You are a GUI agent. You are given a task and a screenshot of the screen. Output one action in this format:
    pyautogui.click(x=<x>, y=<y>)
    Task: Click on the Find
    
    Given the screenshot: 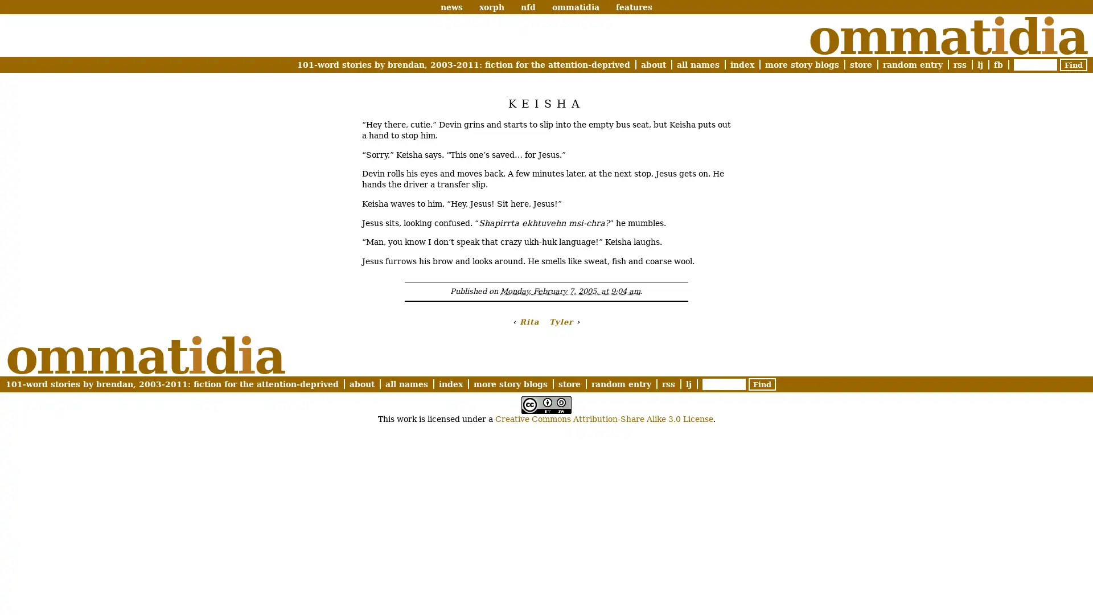 What is the action you would take?
    pyautogui.click(x=1073, y=65)
    